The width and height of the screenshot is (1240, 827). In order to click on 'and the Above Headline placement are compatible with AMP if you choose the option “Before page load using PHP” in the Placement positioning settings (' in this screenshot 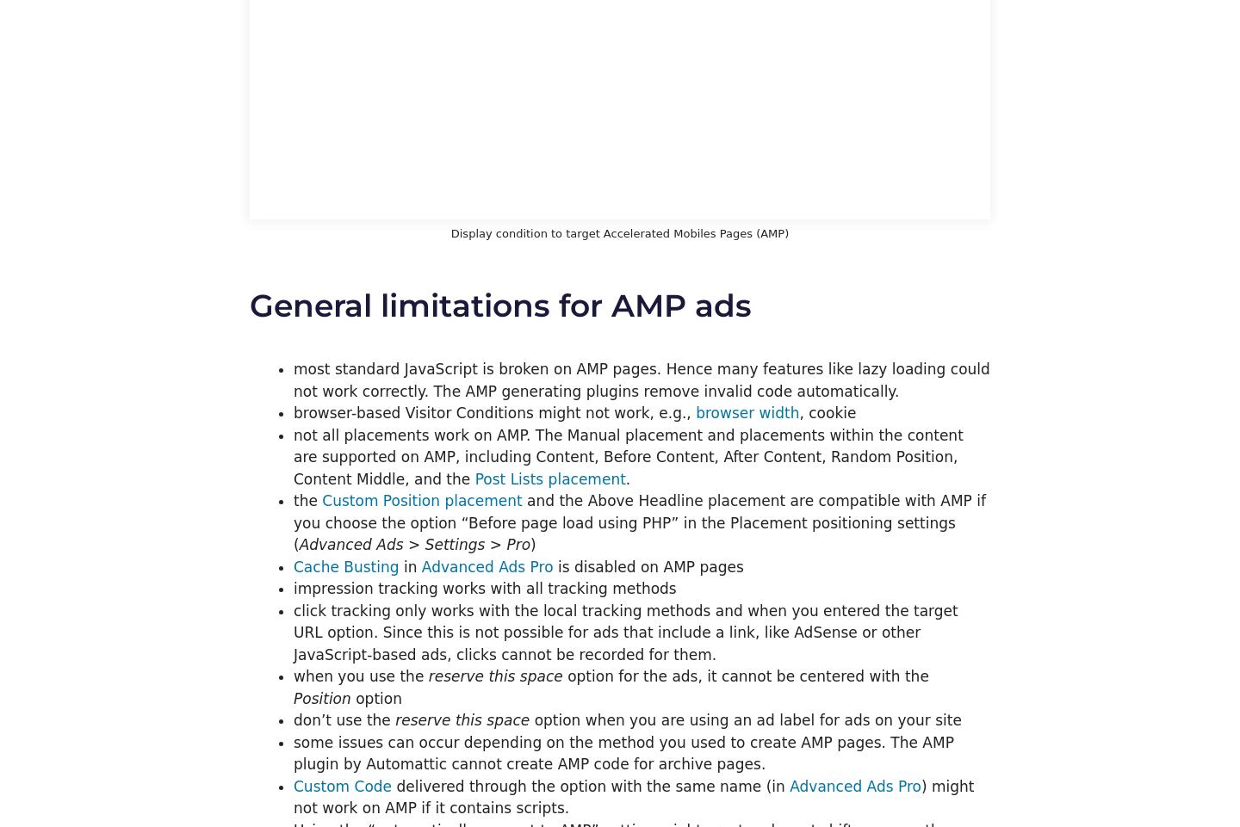, I will do `click(638, 522)`.